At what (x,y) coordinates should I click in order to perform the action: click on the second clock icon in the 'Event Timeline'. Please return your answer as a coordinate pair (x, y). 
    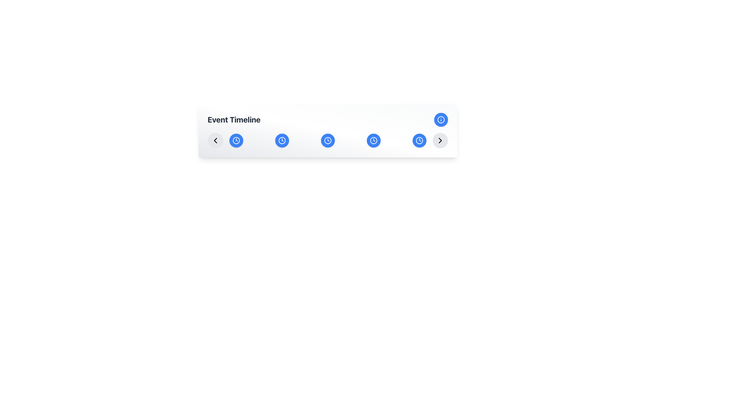
    Looking at the image, I should click on (281, 141).